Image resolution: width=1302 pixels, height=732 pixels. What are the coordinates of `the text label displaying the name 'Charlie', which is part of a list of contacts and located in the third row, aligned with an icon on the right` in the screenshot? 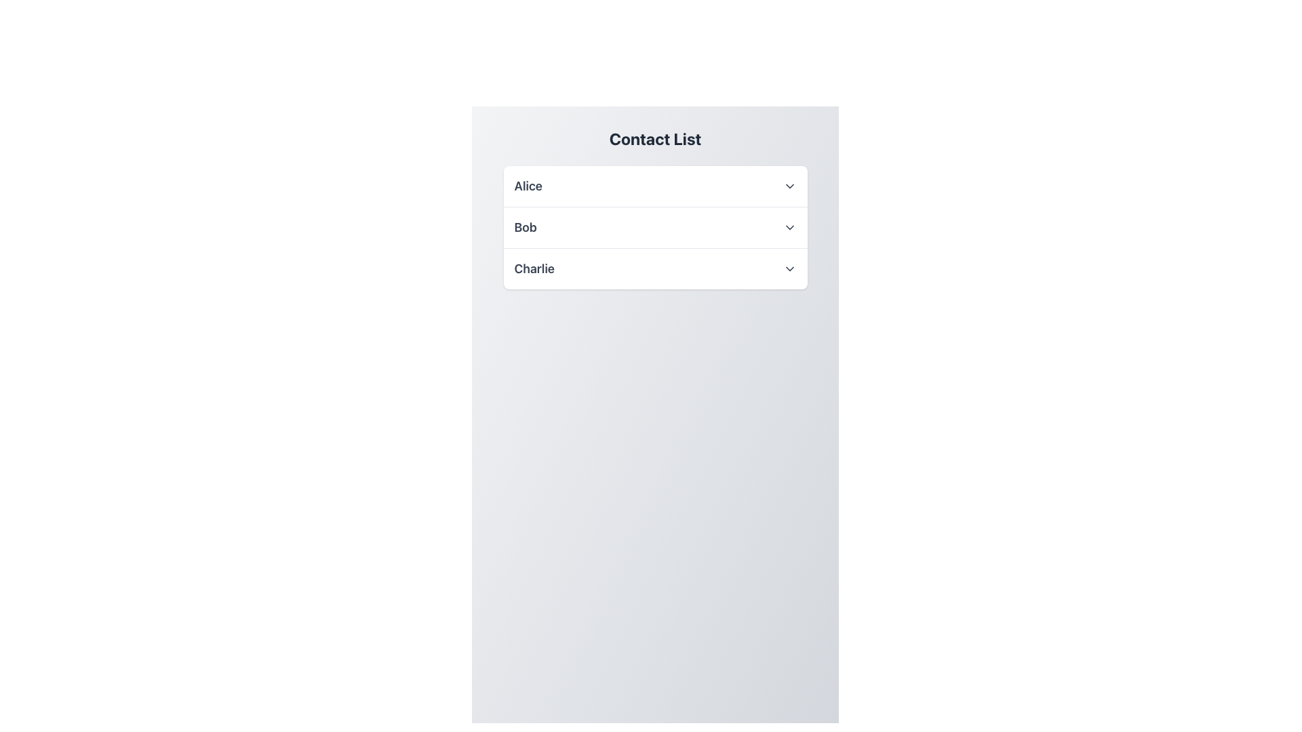 It's located at (534, 269).